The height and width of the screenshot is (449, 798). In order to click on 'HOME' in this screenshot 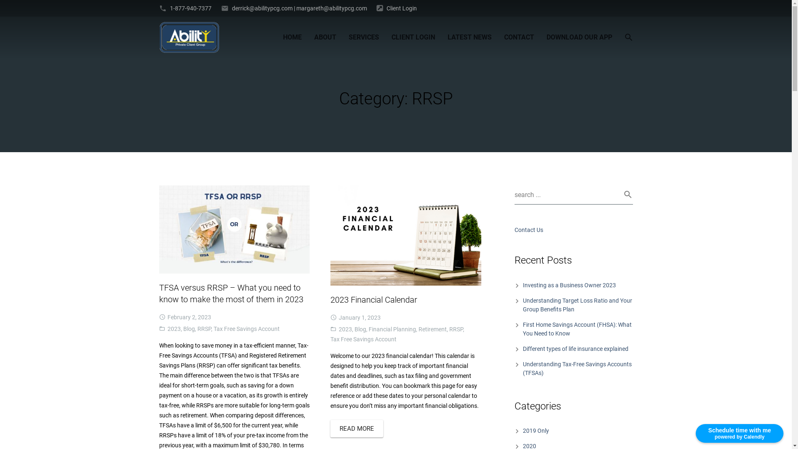, I will do `click(292, 37)`.